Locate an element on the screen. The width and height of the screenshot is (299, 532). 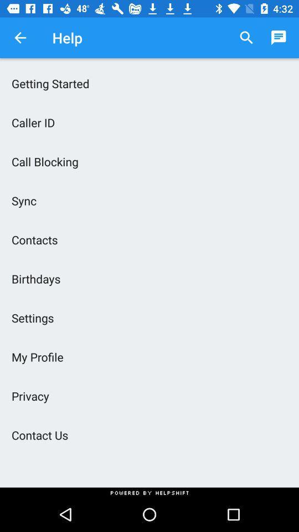
the icon above contacts item is located at coordinates (149, 200).